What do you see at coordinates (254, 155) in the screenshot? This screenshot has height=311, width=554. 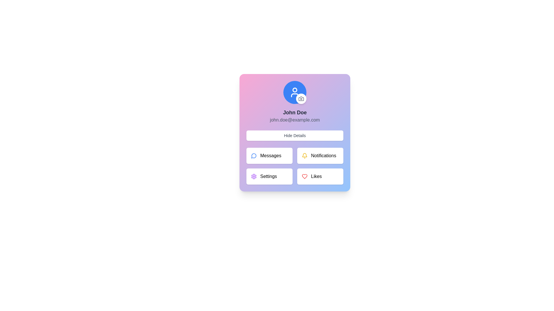 I see `the 'Messages' icon located in the top-left quadrant of the card, adjacent to the text label 'Messages'` at bounding box center [254, 155].